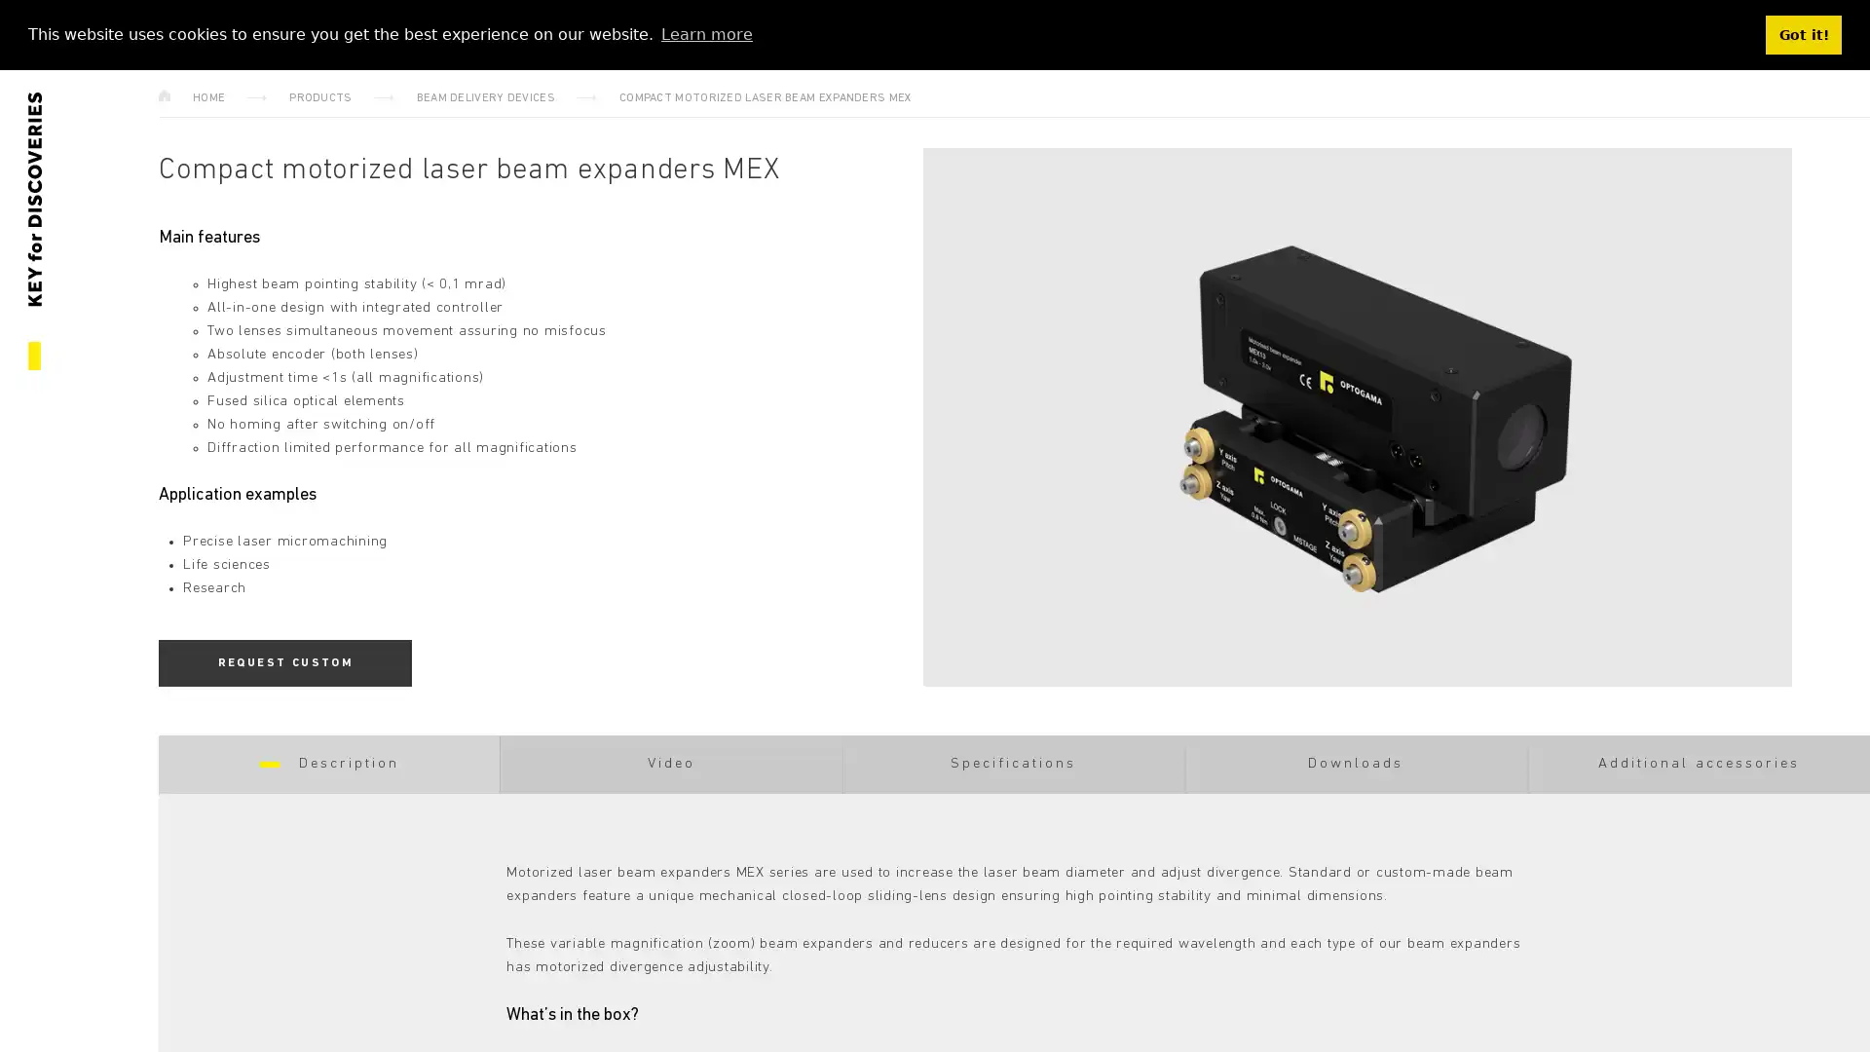  What do you see at coordinates (705, 33) in the screenshot?
I see `learn more about cookies` at bounding box center [705, 33].